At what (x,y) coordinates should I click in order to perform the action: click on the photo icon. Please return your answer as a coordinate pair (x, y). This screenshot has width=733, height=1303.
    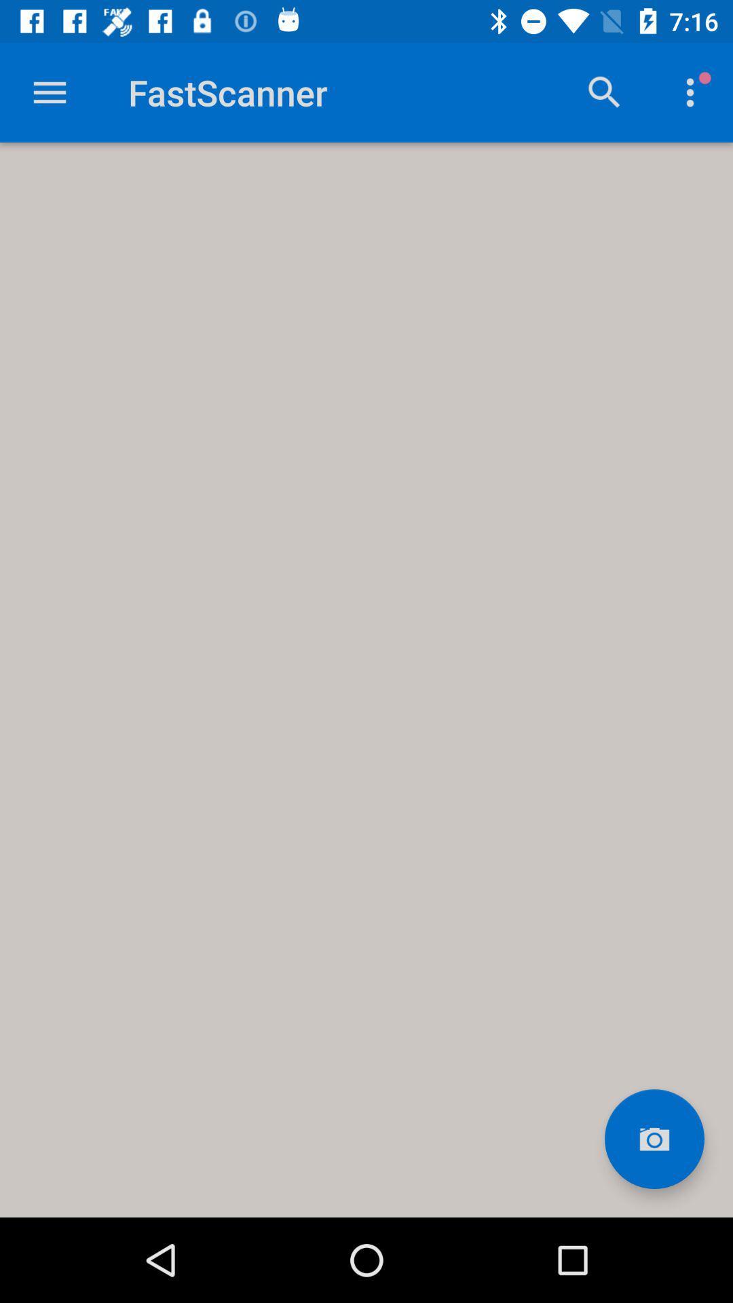
    Looking at the image, I should click on (654, 1139).